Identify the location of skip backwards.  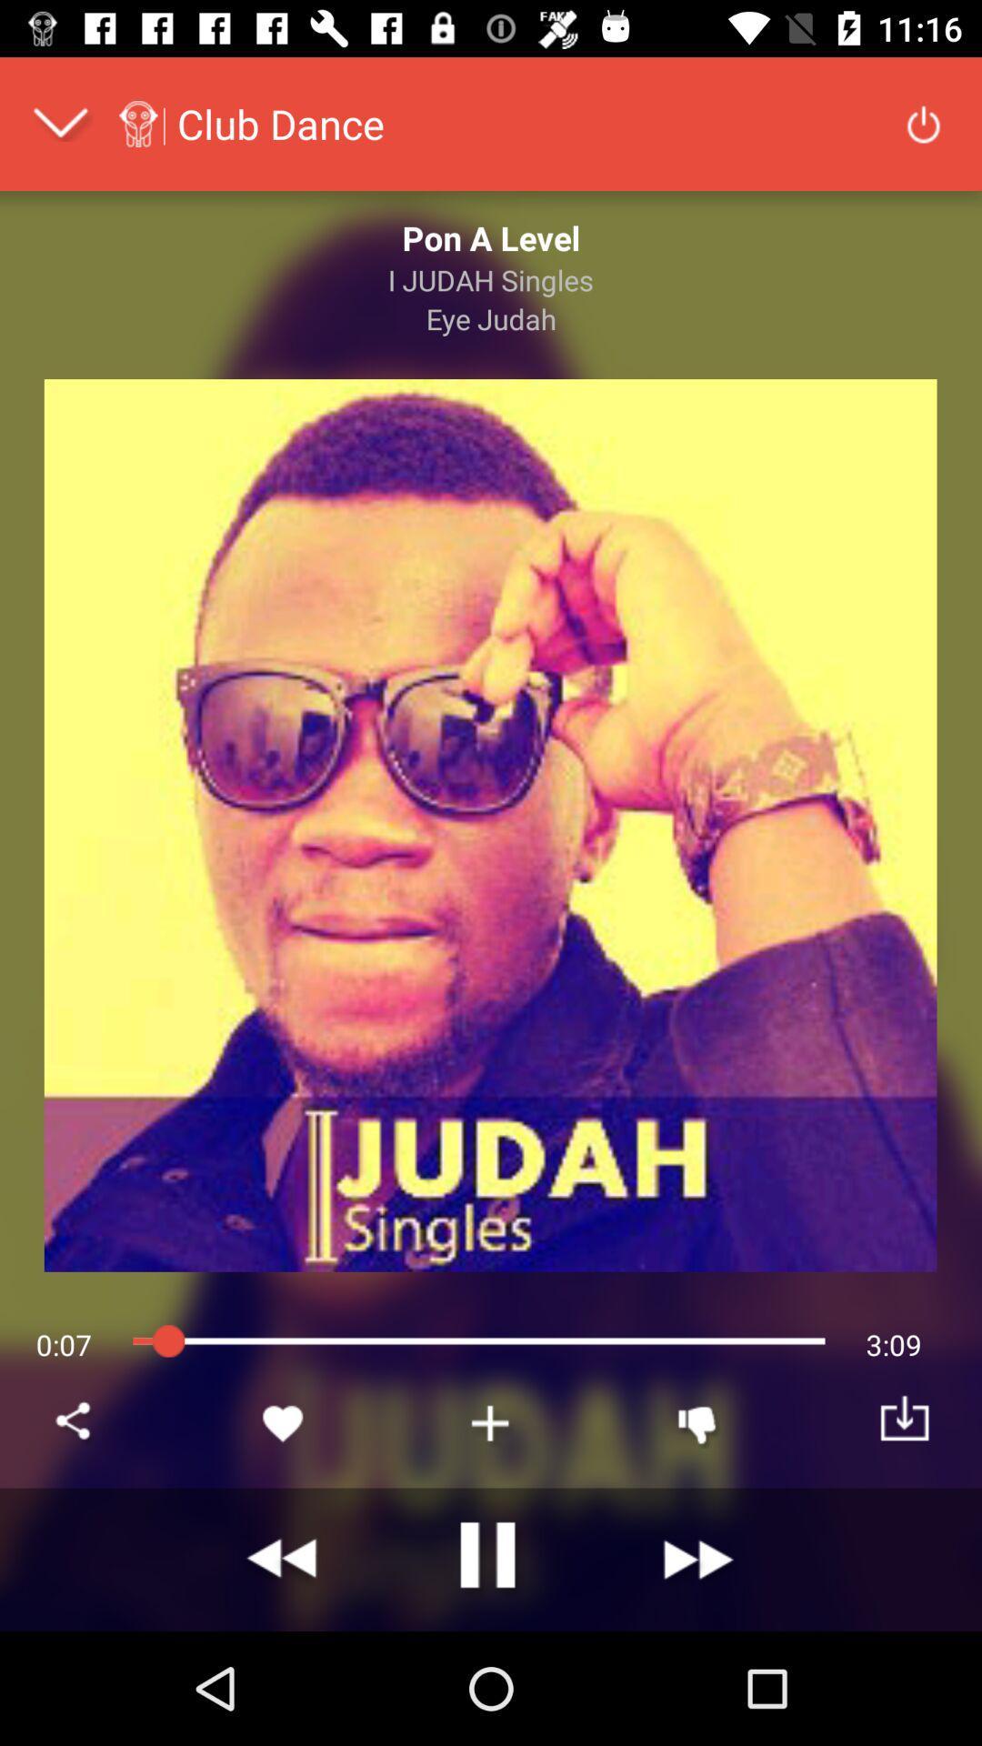
(284, 1559).